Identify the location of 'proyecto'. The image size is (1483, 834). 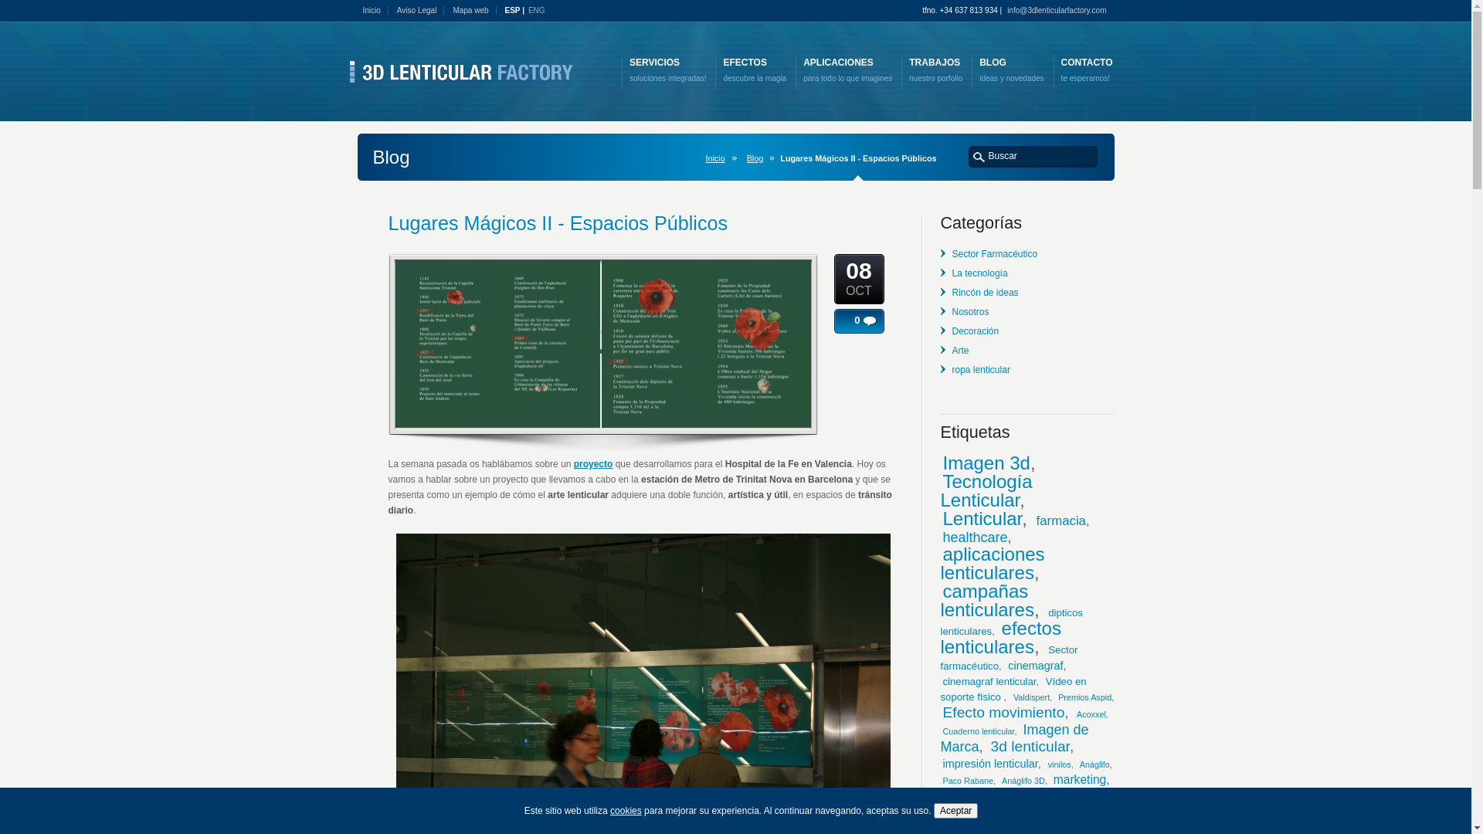
(573, 463).